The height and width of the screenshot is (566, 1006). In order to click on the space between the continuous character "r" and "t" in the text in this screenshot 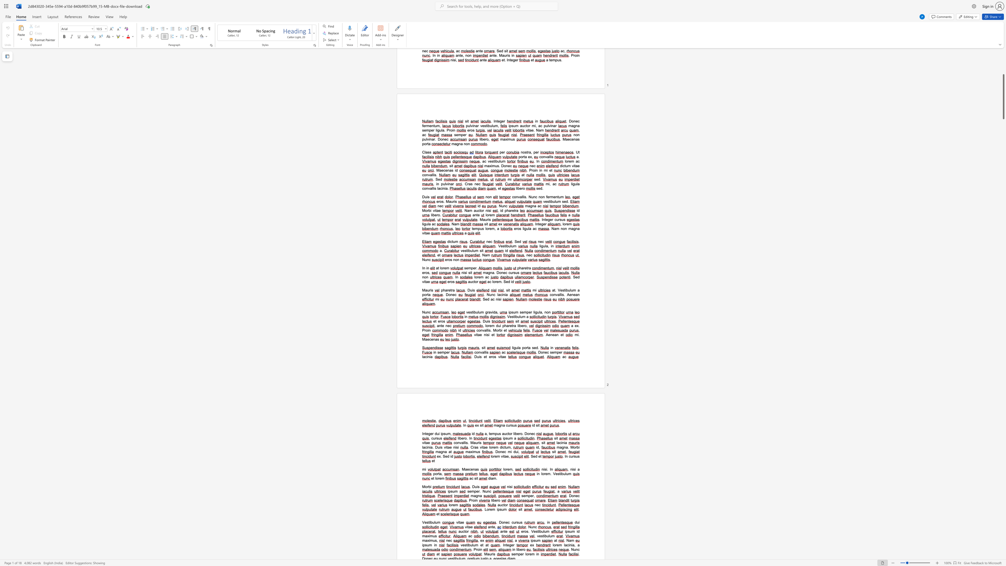, I will do `click(527, 348)`.